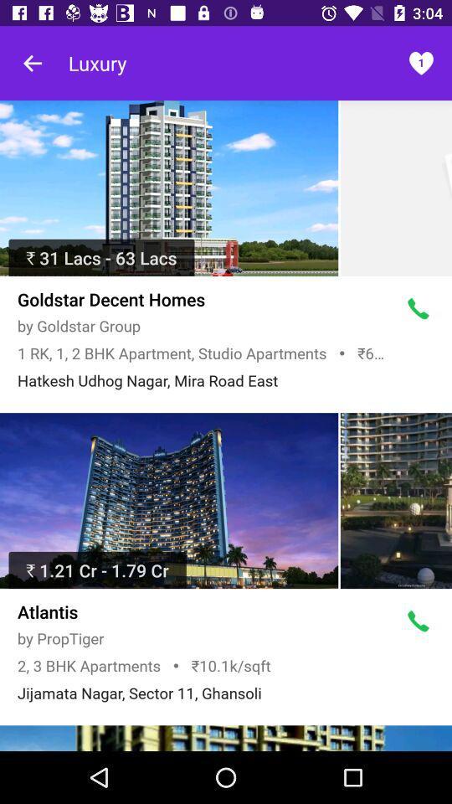 Image resolution: width=452 pixels, height=804 pixels. I want to click on button to call the business, so click(418, 308).